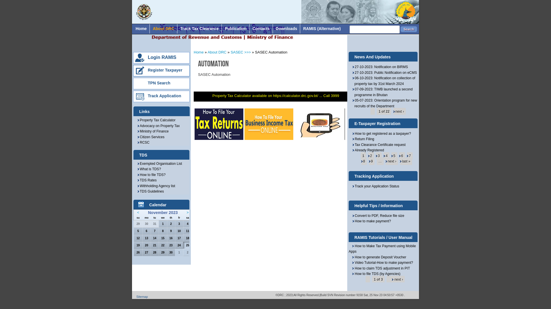 Image resolution: width=551 pixels, height=309 pixels. I want to click on 'What is TDS?', so click(136, 169).